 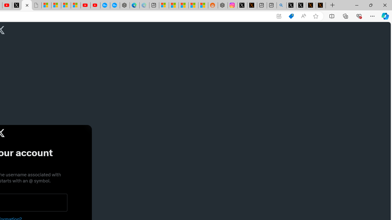 I want to click on 'App available. Install X', so click(x=278, y=16).